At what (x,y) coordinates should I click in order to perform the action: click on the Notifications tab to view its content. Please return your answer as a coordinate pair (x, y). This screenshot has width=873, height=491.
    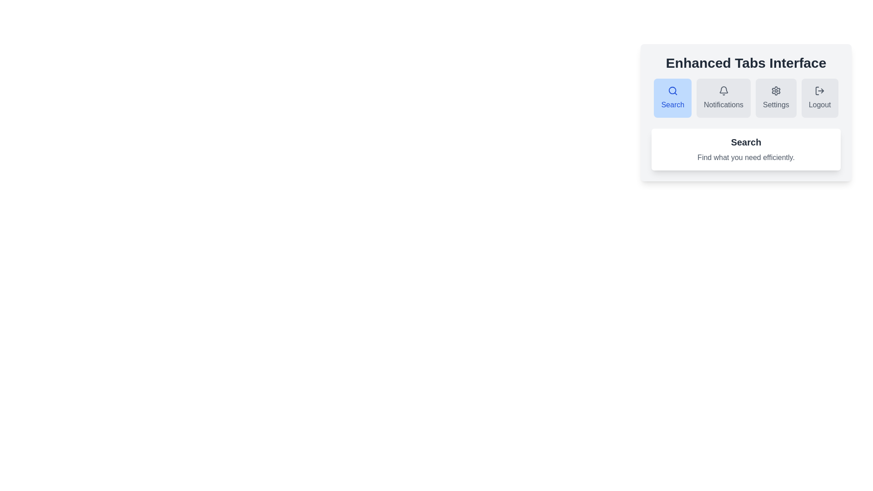
    Looking at the image, I should click on (723, 98).